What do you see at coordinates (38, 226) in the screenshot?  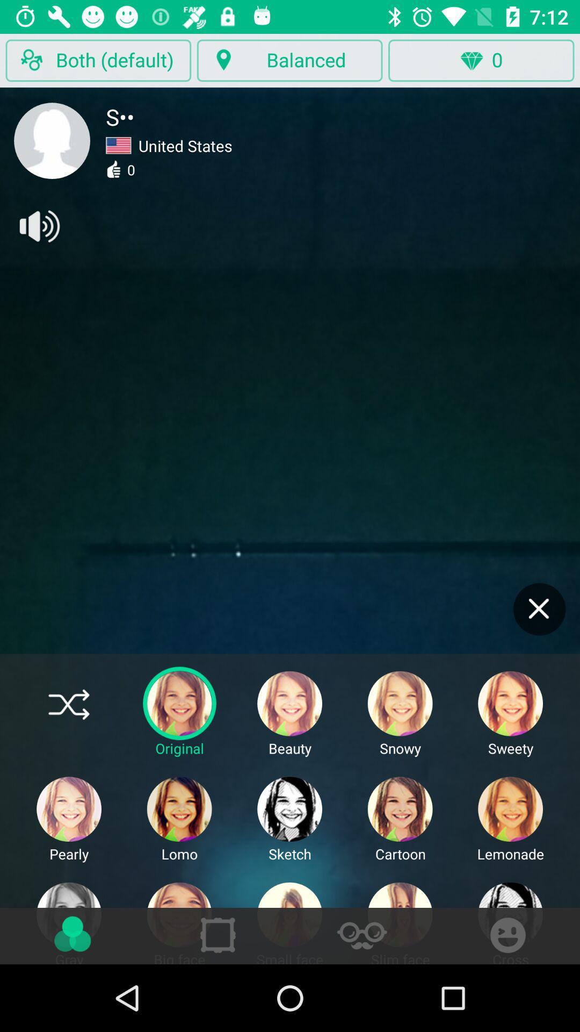 I see `the volume icon` at bounding box center [38, 226].